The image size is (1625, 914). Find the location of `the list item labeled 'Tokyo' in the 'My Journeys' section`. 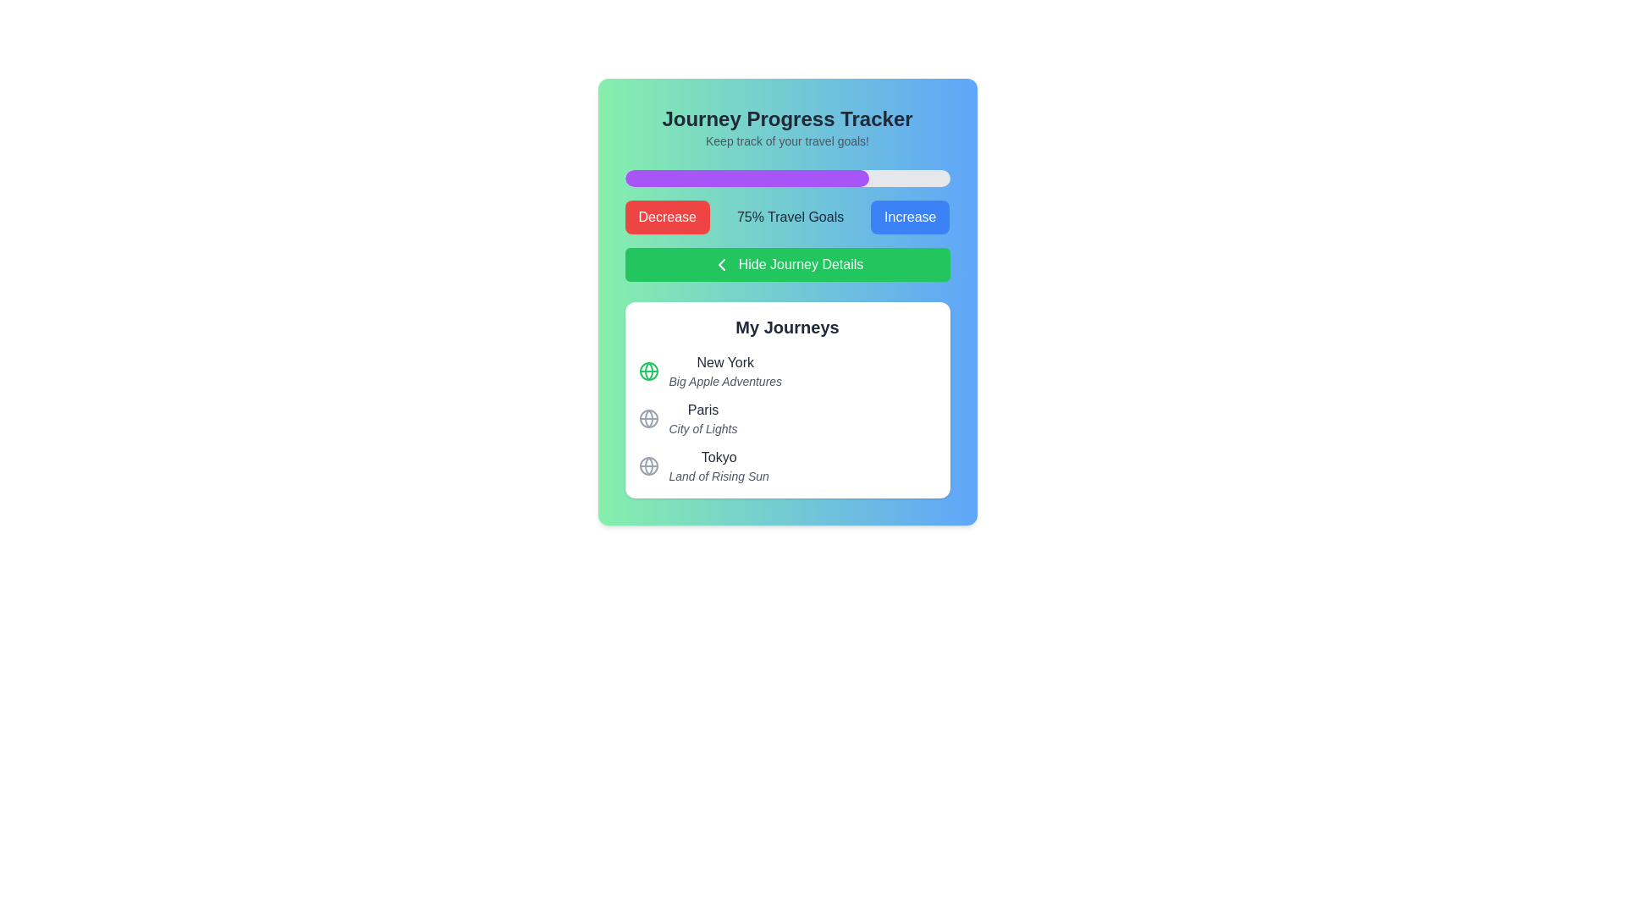

the list item labeled 'Tokyo' in the 'My Journeys' section is located at coordinates (719, 466).